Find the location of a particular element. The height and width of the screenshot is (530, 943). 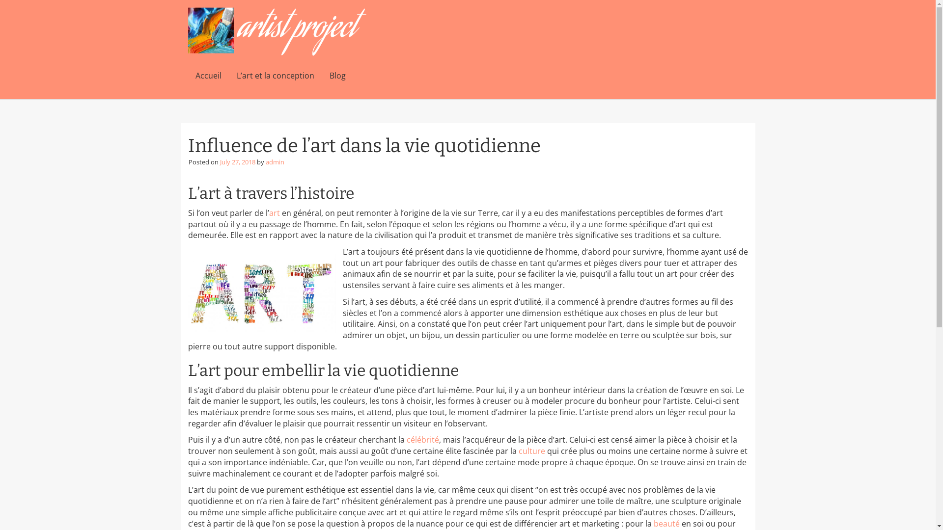

'culture' is located at coordinates (531, 450).